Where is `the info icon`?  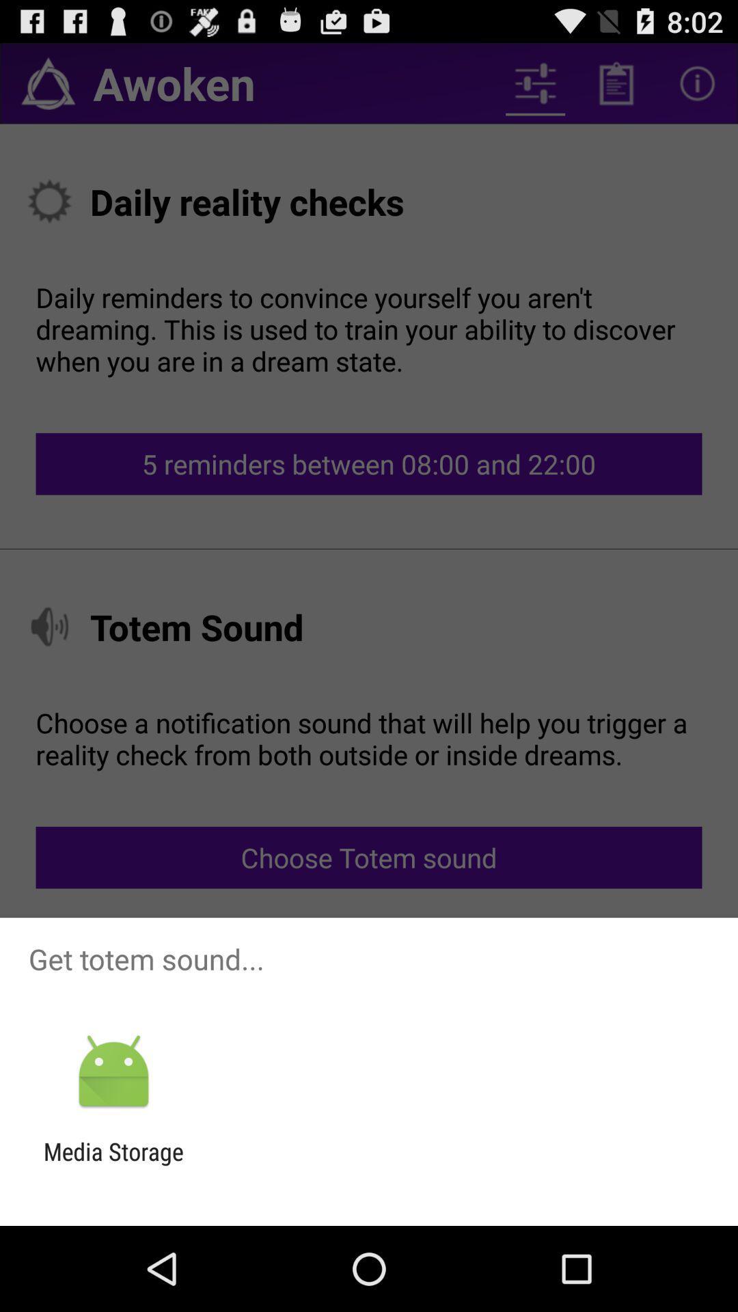 the info icon is located at coordinates (697, 88).